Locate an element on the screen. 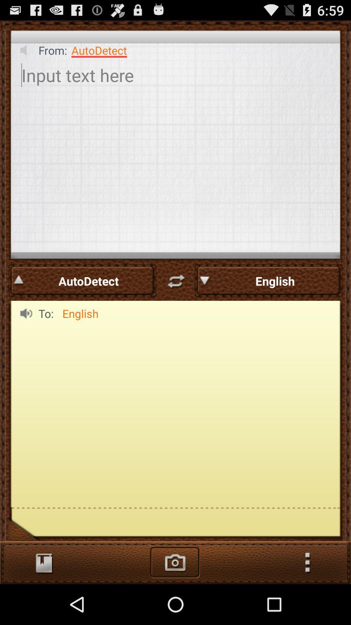 Image resolution: width=351 pixels, height=625 pixels. the volume icon is located at coordinates (24, 336).